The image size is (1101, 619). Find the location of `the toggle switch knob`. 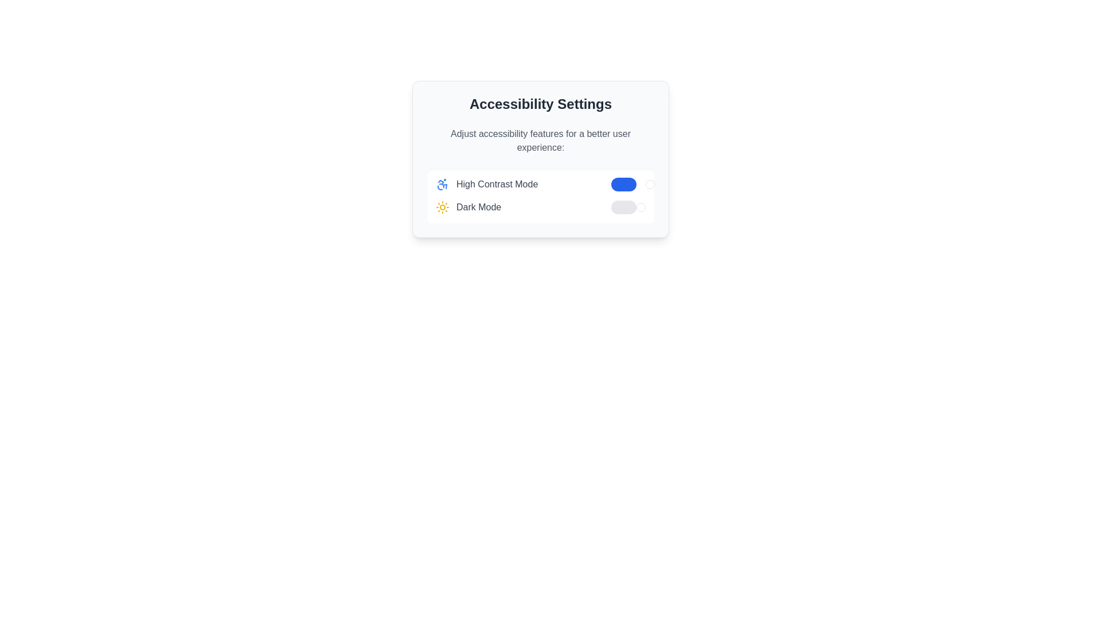

the toggle switch knob is located at coordinates (627, 207).